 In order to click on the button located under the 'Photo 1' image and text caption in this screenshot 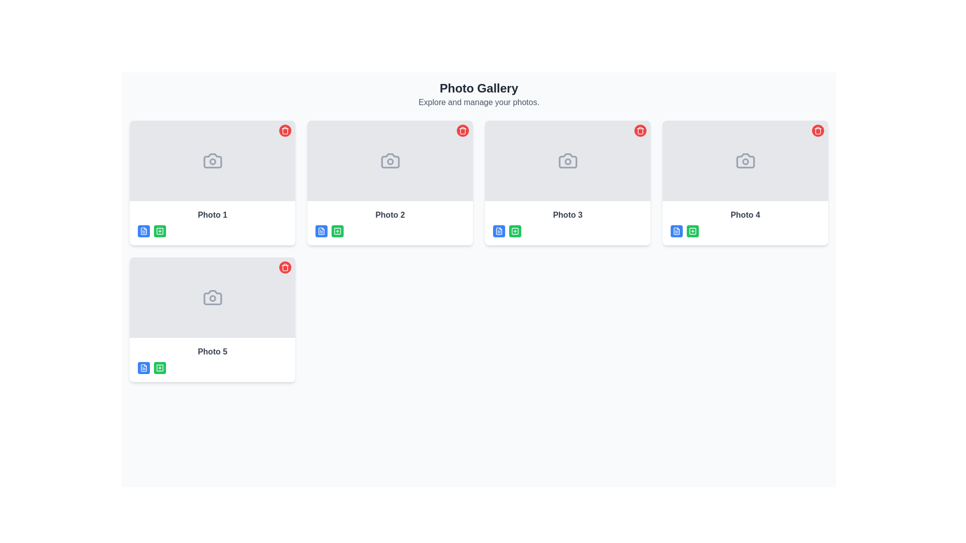, I will do `click(143, 231)`.